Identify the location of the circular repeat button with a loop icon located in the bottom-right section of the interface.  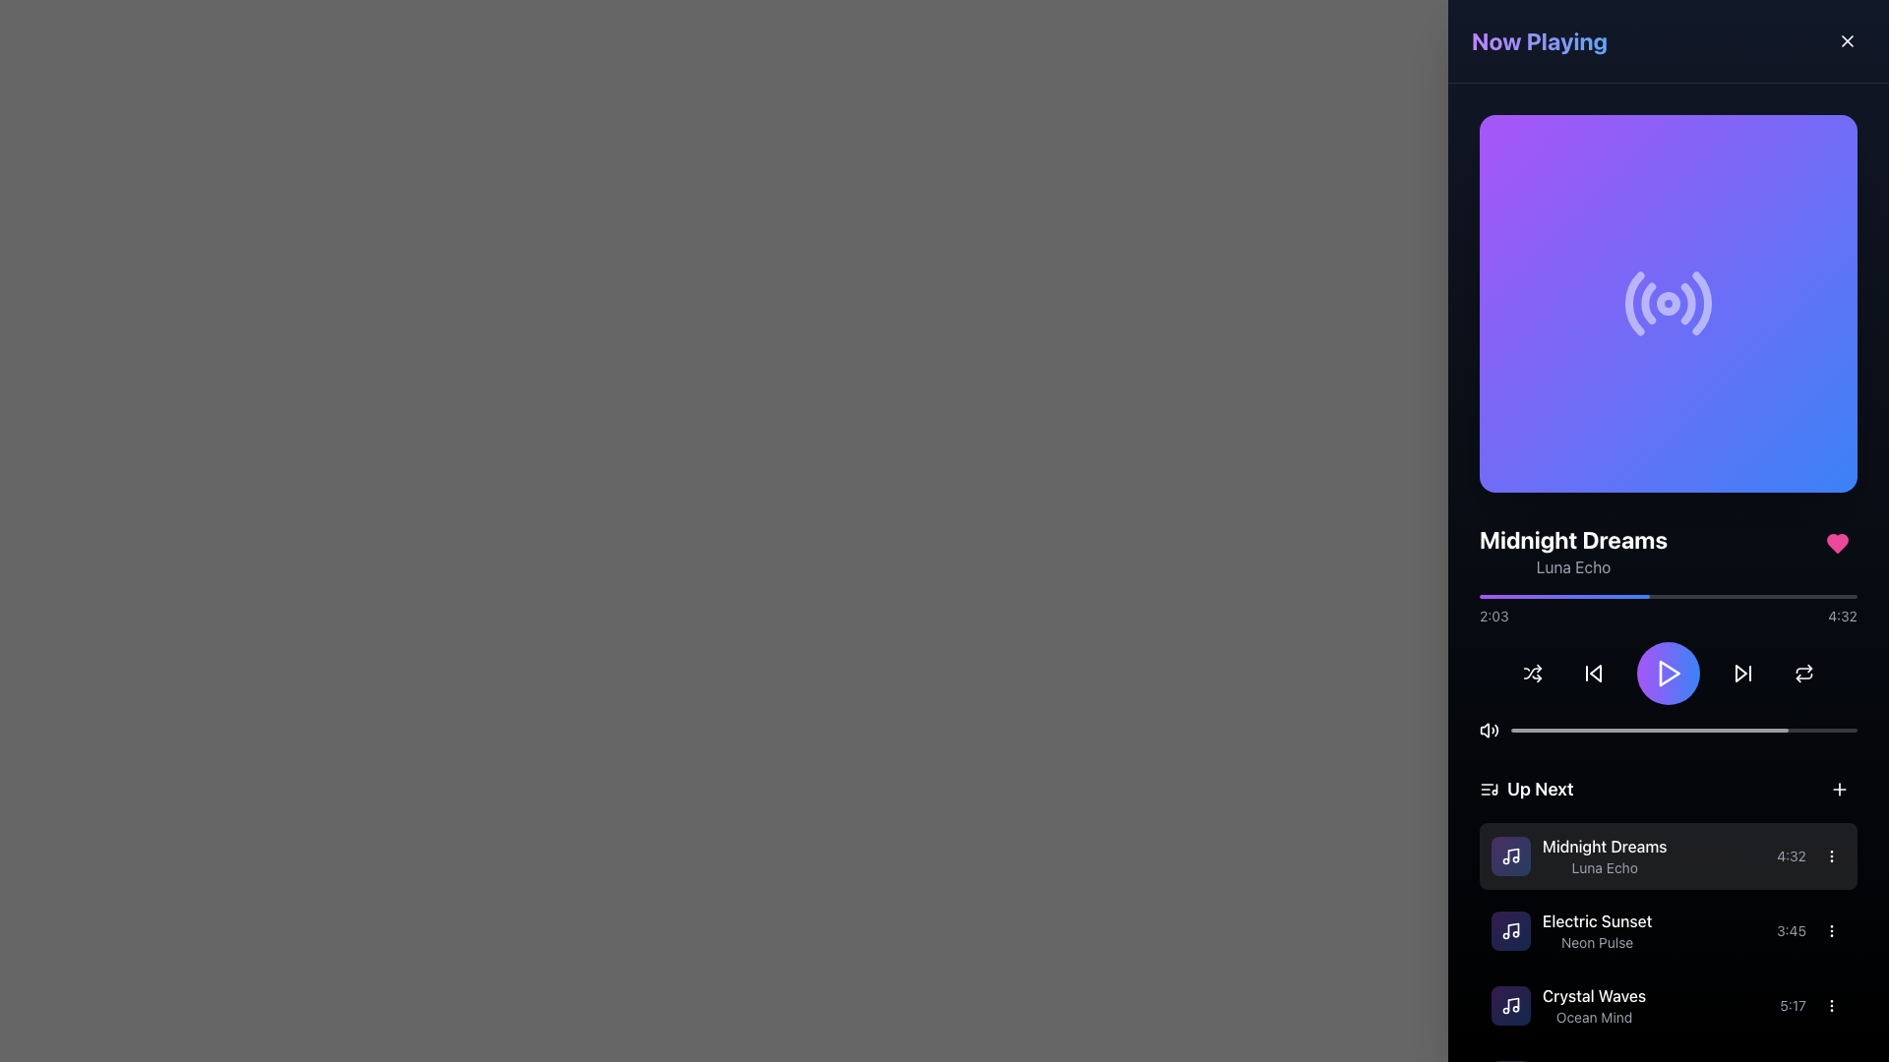
(1803, 673).